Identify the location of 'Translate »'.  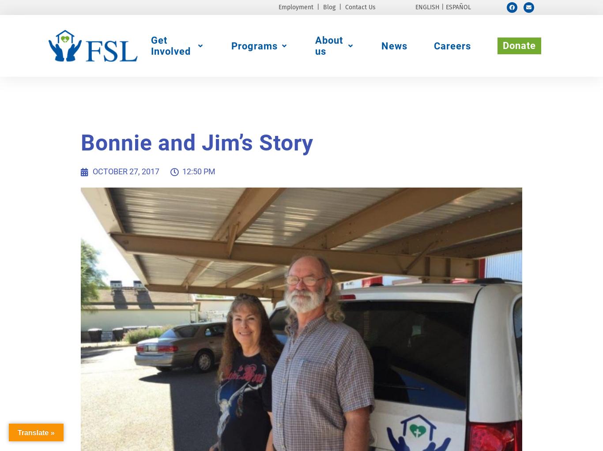
(36, 432).